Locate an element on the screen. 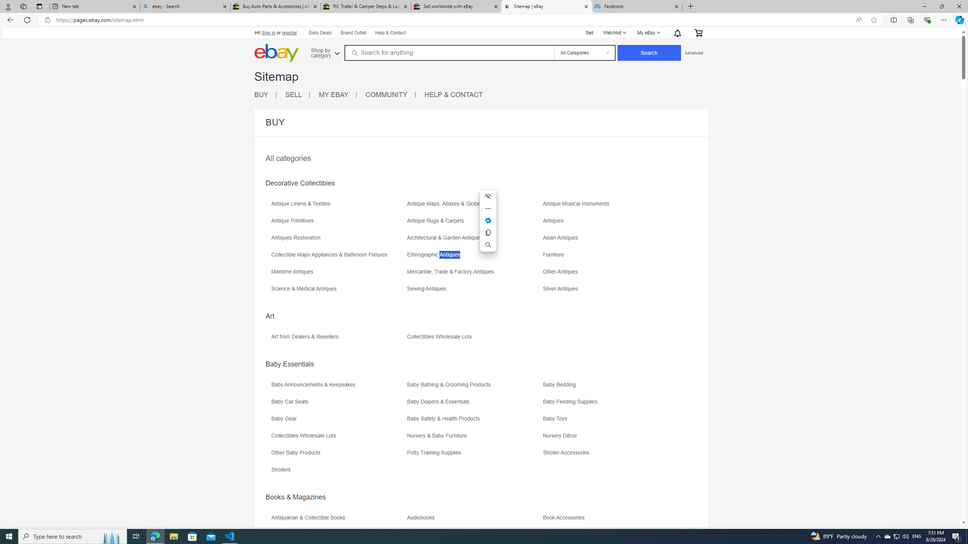 Image resolution: width=968 pixels, height=544 pixels. 'eBay Logo' is located at coordinates (276, 53).